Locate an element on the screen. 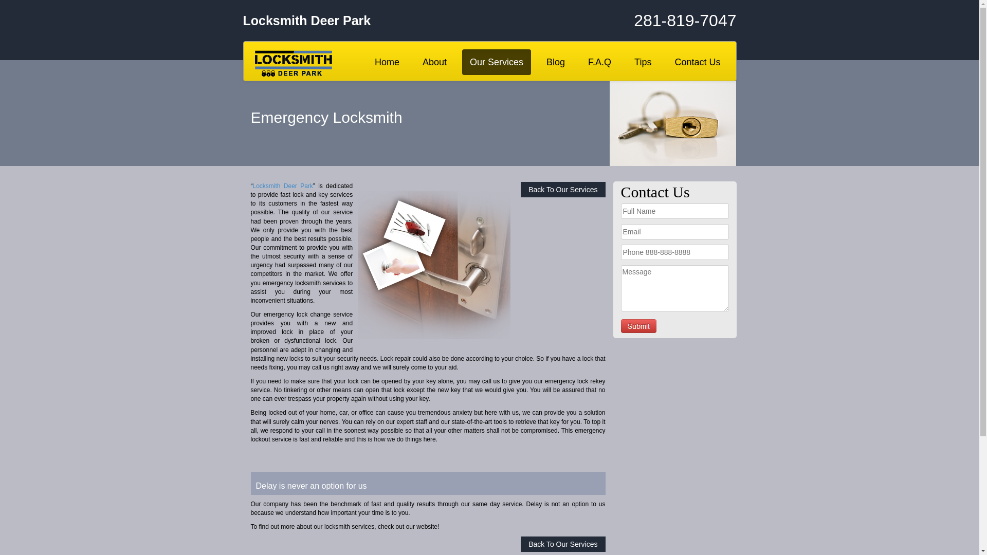 This screenshot has height=555, width=987. 'Locksmith Deer Park' is located at coordinates (252, 186).